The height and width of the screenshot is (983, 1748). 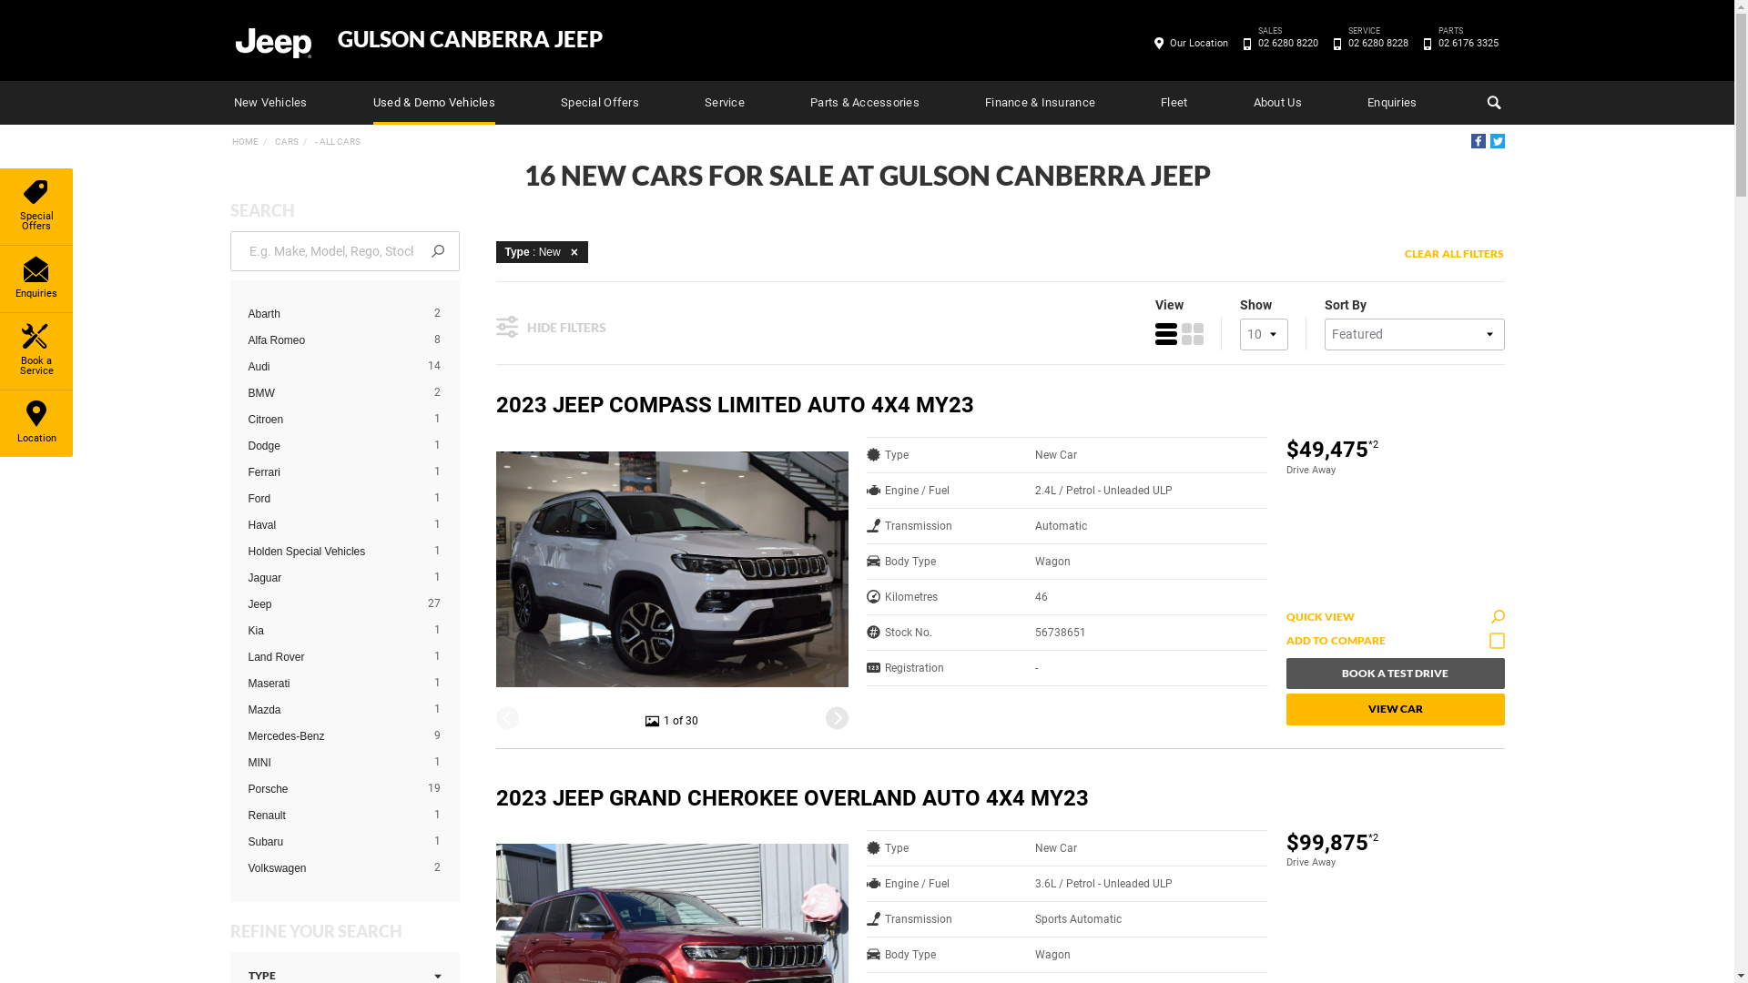 I want to click on 'Twitter', so click(x=1496, y=139).